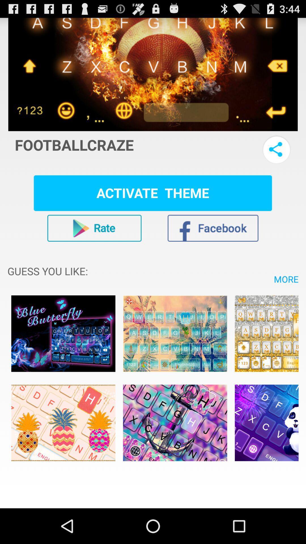 The width and height of the screenshot is (306, 544). What do you see at coordinates (63, 423) in the screenshot?
I see `theme` at bounding box center [63, 423].